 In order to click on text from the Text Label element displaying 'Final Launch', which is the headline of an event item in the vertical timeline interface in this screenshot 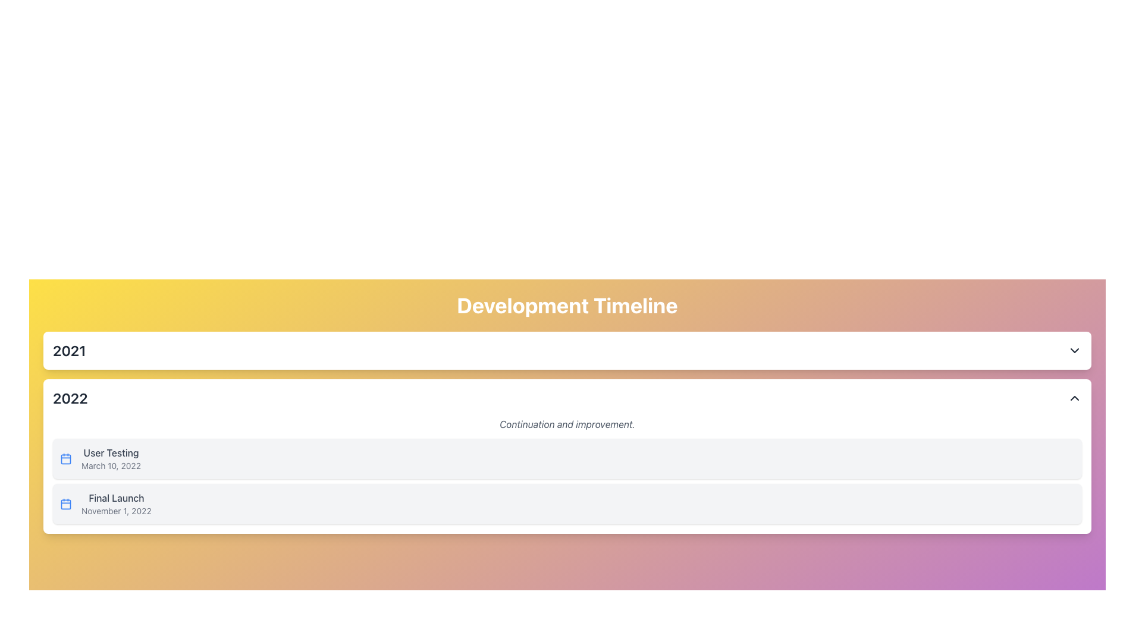, I will do `click(116, 498)`.